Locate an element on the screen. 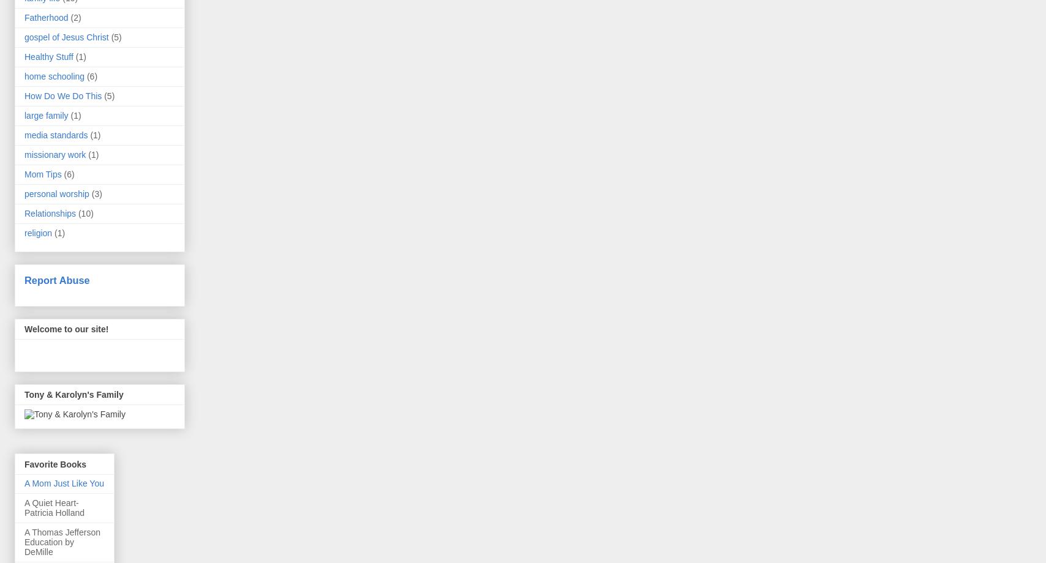 The width and height of the screenshot is (1046, 563). 'Tony & Karolyn's Family' is located at coordinates (73, 394).